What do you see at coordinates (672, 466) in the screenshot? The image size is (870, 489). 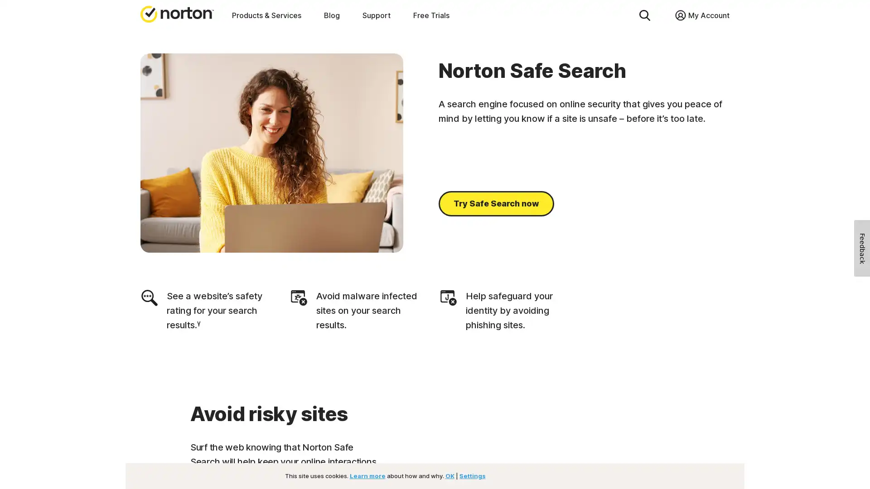 I see `Close consent Widget` at bounding box center [672, 466].